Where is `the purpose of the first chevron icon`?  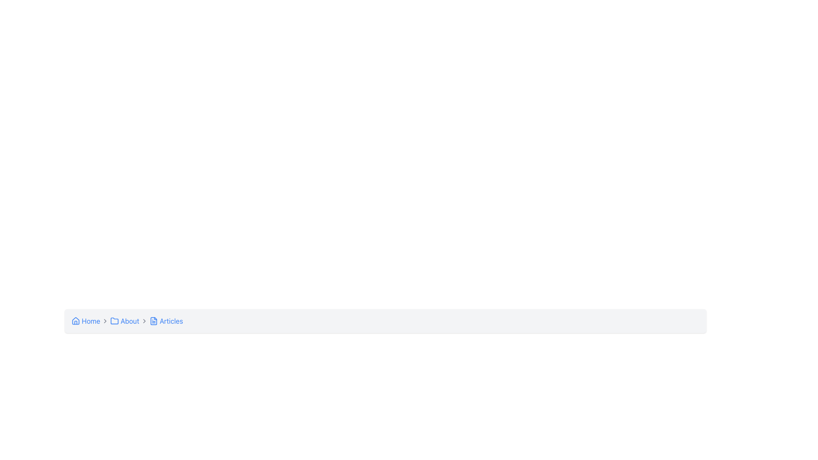 the purpose of the first chevron icon is located at coordinates (105, 321).